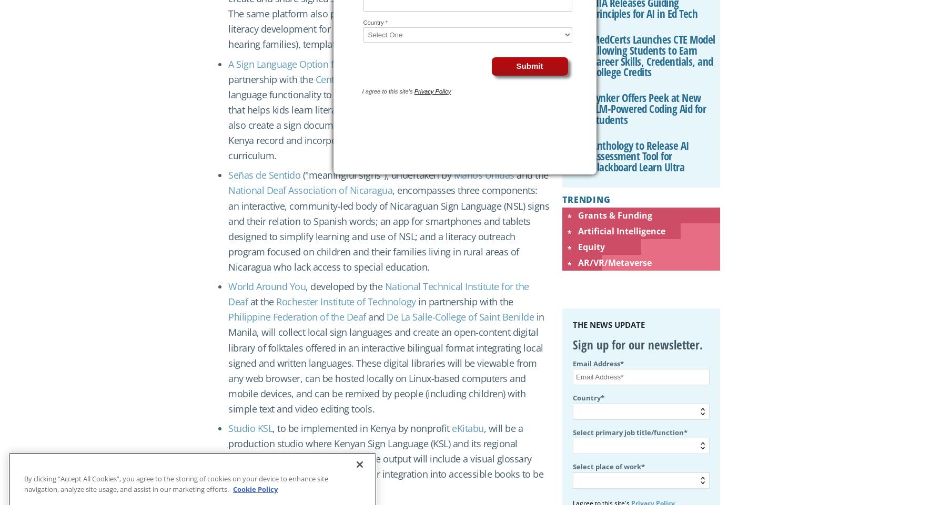 This screenshot has width=930, height=505. I want to click on 'Trending', so click(561, 199).